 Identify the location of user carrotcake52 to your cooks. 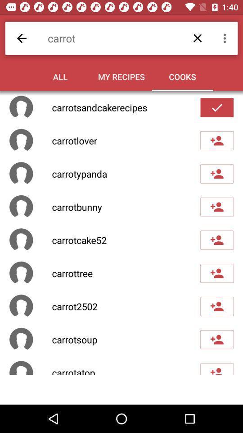
(216, 240).